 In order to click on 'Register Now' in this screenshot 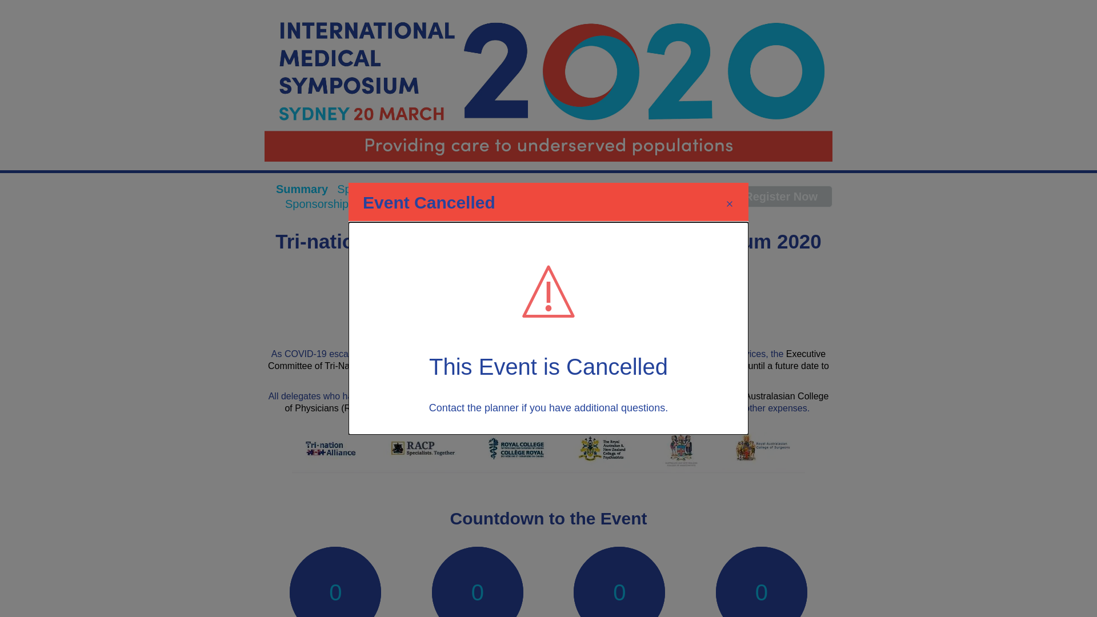, I will do `click(780, 195)`.